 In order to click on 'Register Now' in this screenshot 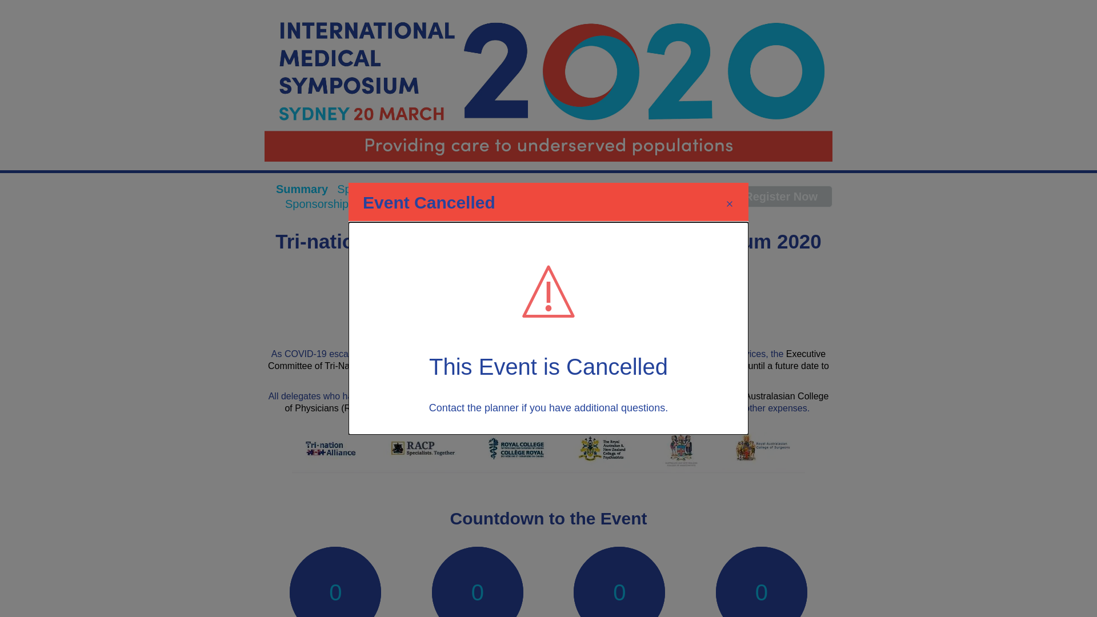, I will do `click(780, 195)`.